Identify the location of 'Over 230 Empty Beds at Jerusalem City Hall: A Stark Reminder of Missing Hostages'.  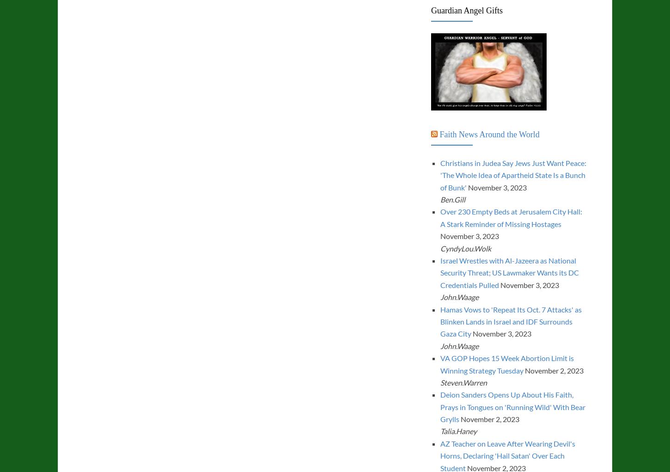
(510, 217).